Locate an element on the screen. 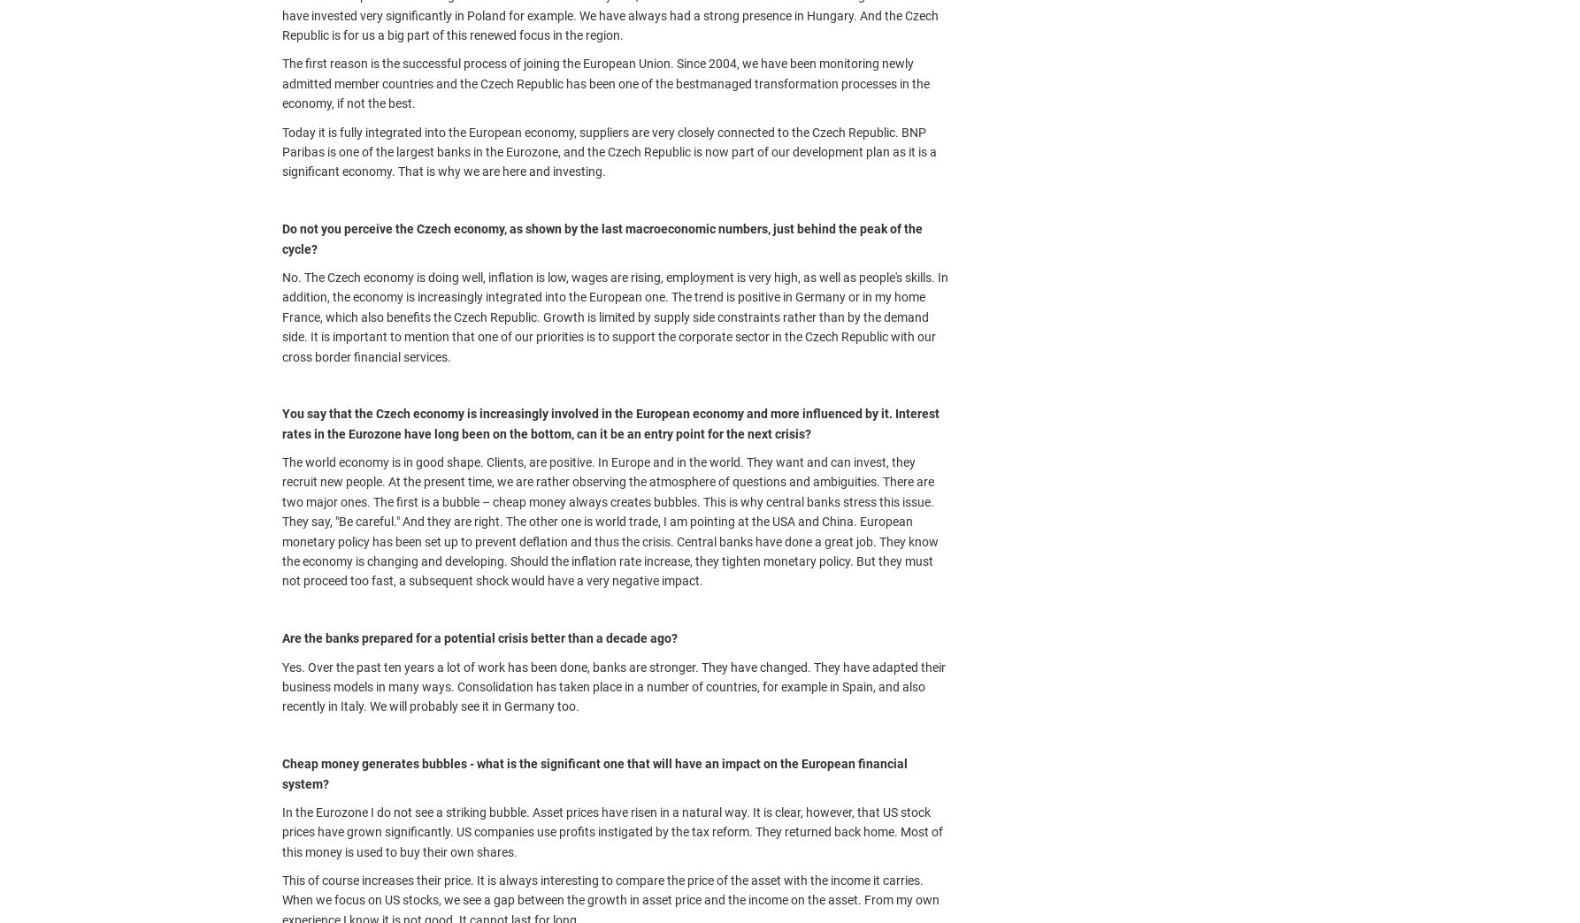  'The world economy is in good shape. Clients, are positive. In Europe and in the world. They want and can invest, they recruit new people. At the present time, we are rather observing the atmosphere of questions and ambiguities. There are two major ones. The first is a bubble – cheap money always creates bubbles. This is why central banks stress this issue. They say, "Be careful." And they are right. The other one is world trade, I am pointing at the USA and China. European monetary policy has been set up to prevent deflation and thus the crisis. Central banks have done a great job. They know the economy is changing and developing. Should the inflation rate increase, they tighten monetary policy. But they must not proceed too fast, a subsequent shock would have a very negative impact.' is located at coordinates (281, 521).